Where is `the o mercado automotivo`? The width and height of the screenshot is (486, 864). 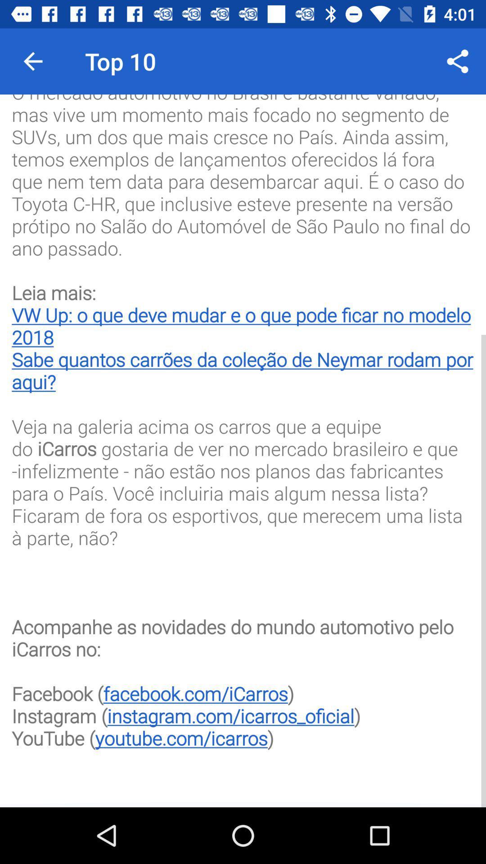 the o mercado automotivo is located at coordinates (243, 445).